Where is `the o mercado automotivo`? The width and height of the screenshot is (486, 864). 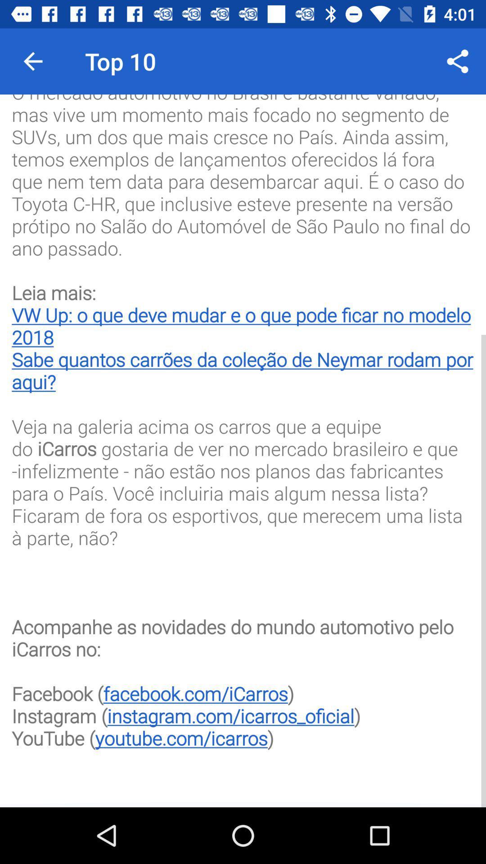 the o mercado automotivo is located at coordinates (243, 445).